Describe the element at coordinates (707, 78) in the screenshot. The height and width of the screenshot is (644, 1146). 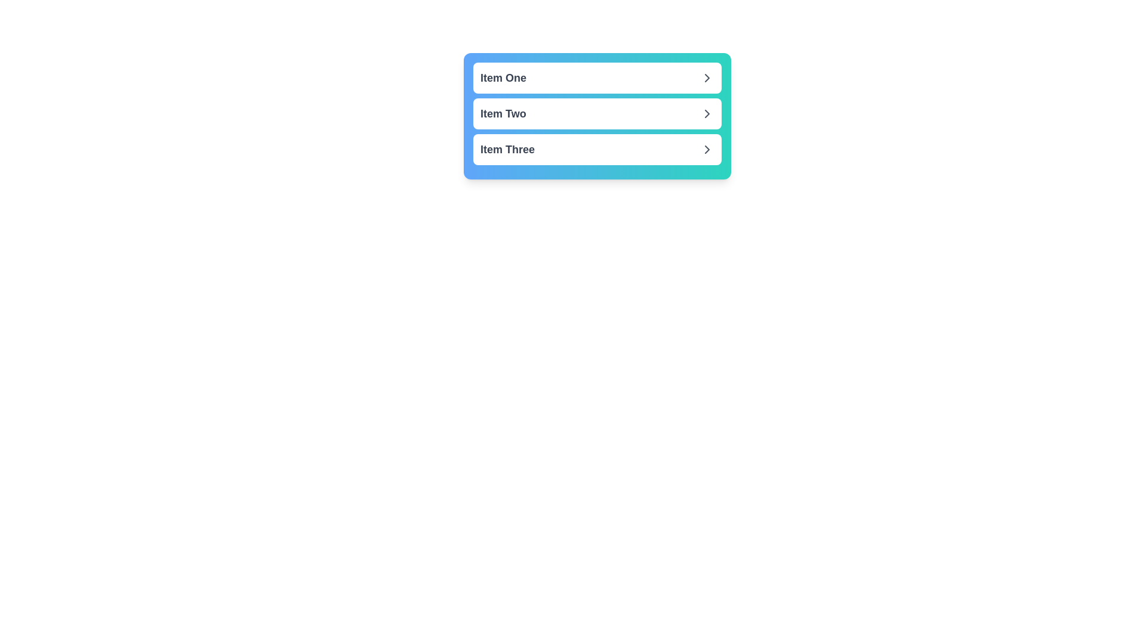
I see `the navigation icon positioned to the right of the text label 'Item One' in the vertical list` at that location.